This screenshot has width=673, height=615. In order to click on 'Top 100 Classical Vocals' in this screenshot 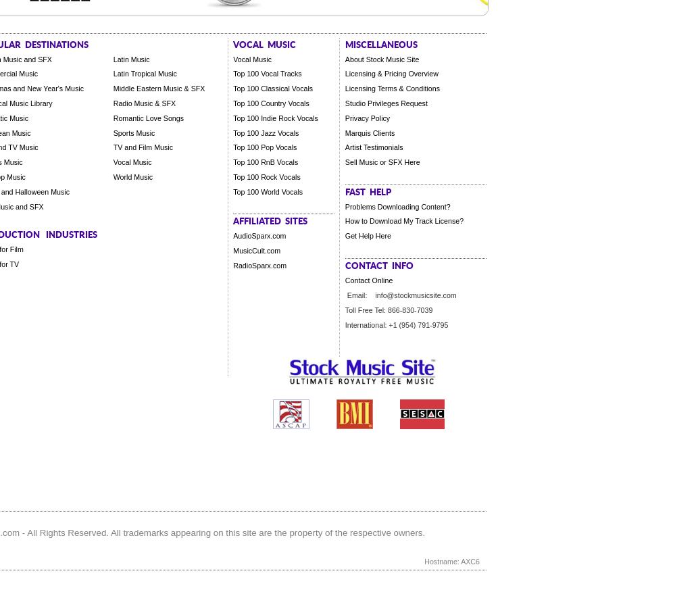, I will do `click(272, 88)`.